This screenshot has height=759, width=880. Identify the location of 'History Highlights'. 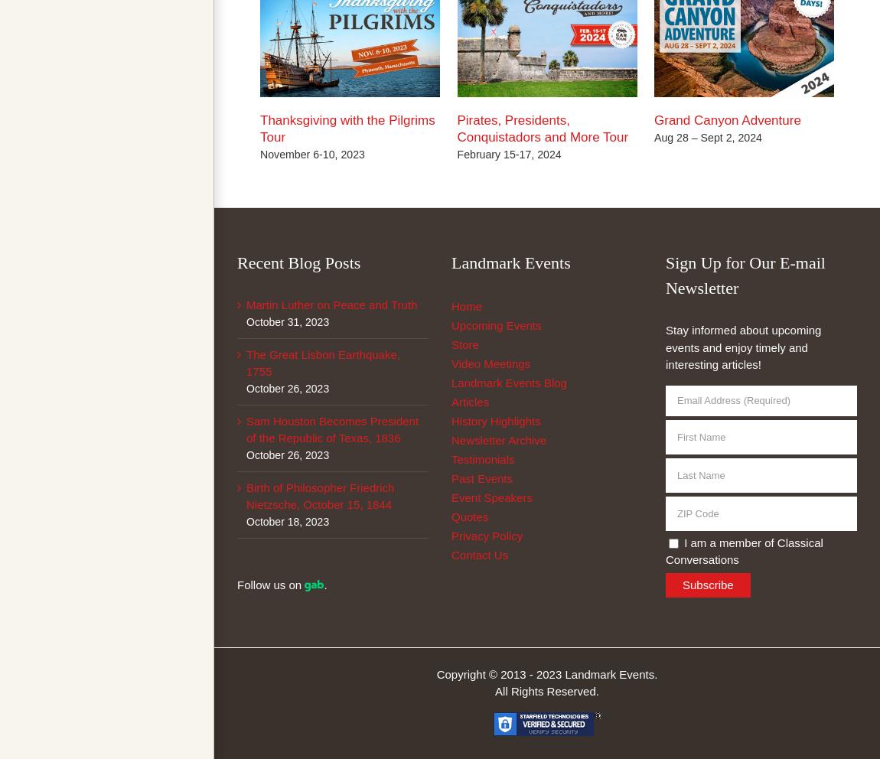
(450, 421).